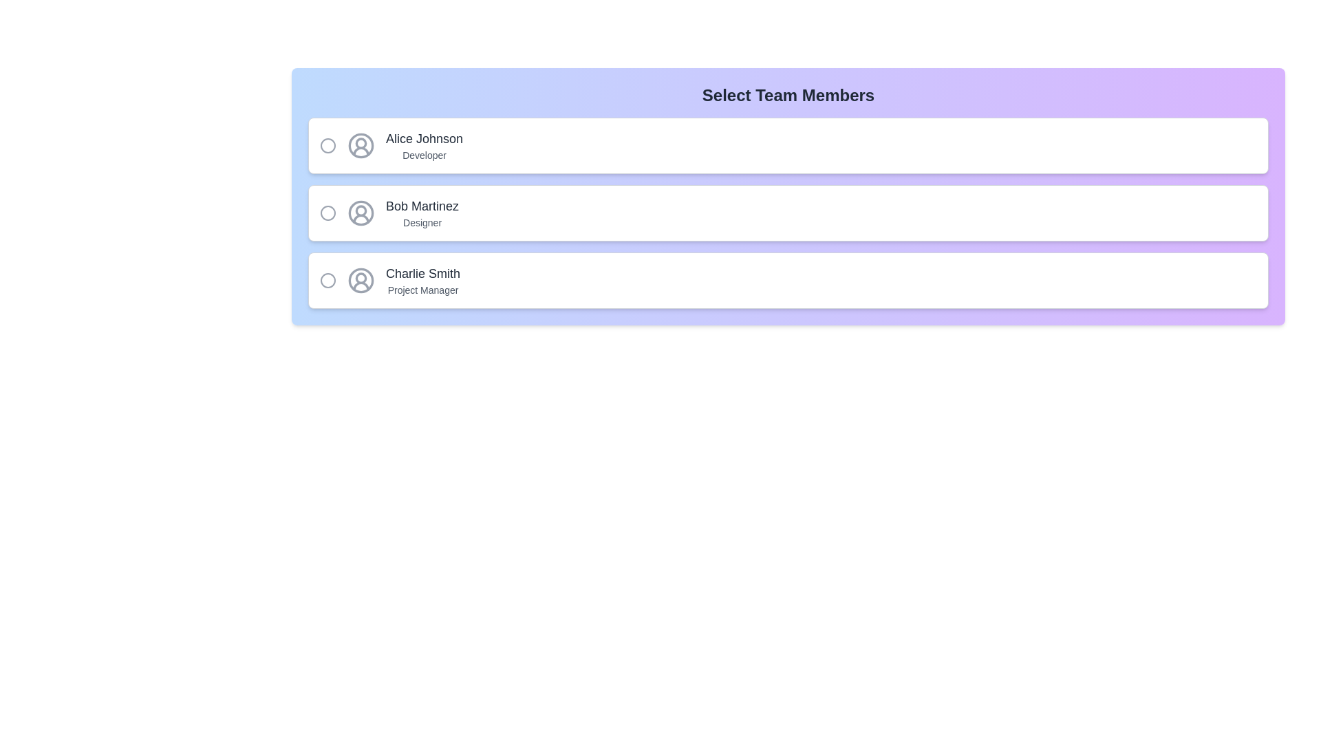 This screenshot has width=1321, height=743. I want to click on the circular graphical element representing 'Charlie Smith' in the list, which is located to the left of the text 'Charlie Smith - Project Manager', so click(327, 280).